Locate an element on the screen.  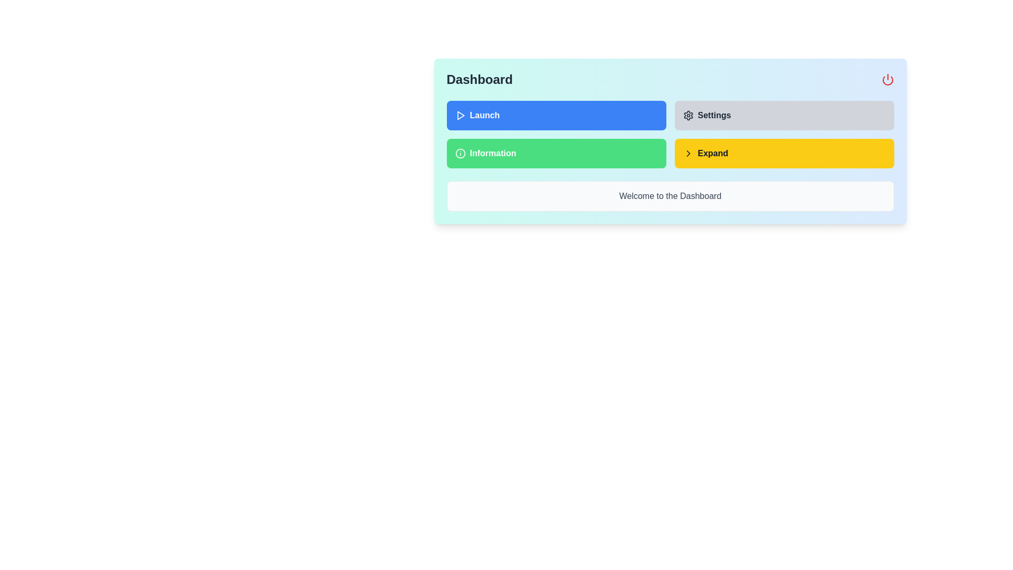
the play icon located on the left side of the 'Launch' button is located at coordinates (460, 116).